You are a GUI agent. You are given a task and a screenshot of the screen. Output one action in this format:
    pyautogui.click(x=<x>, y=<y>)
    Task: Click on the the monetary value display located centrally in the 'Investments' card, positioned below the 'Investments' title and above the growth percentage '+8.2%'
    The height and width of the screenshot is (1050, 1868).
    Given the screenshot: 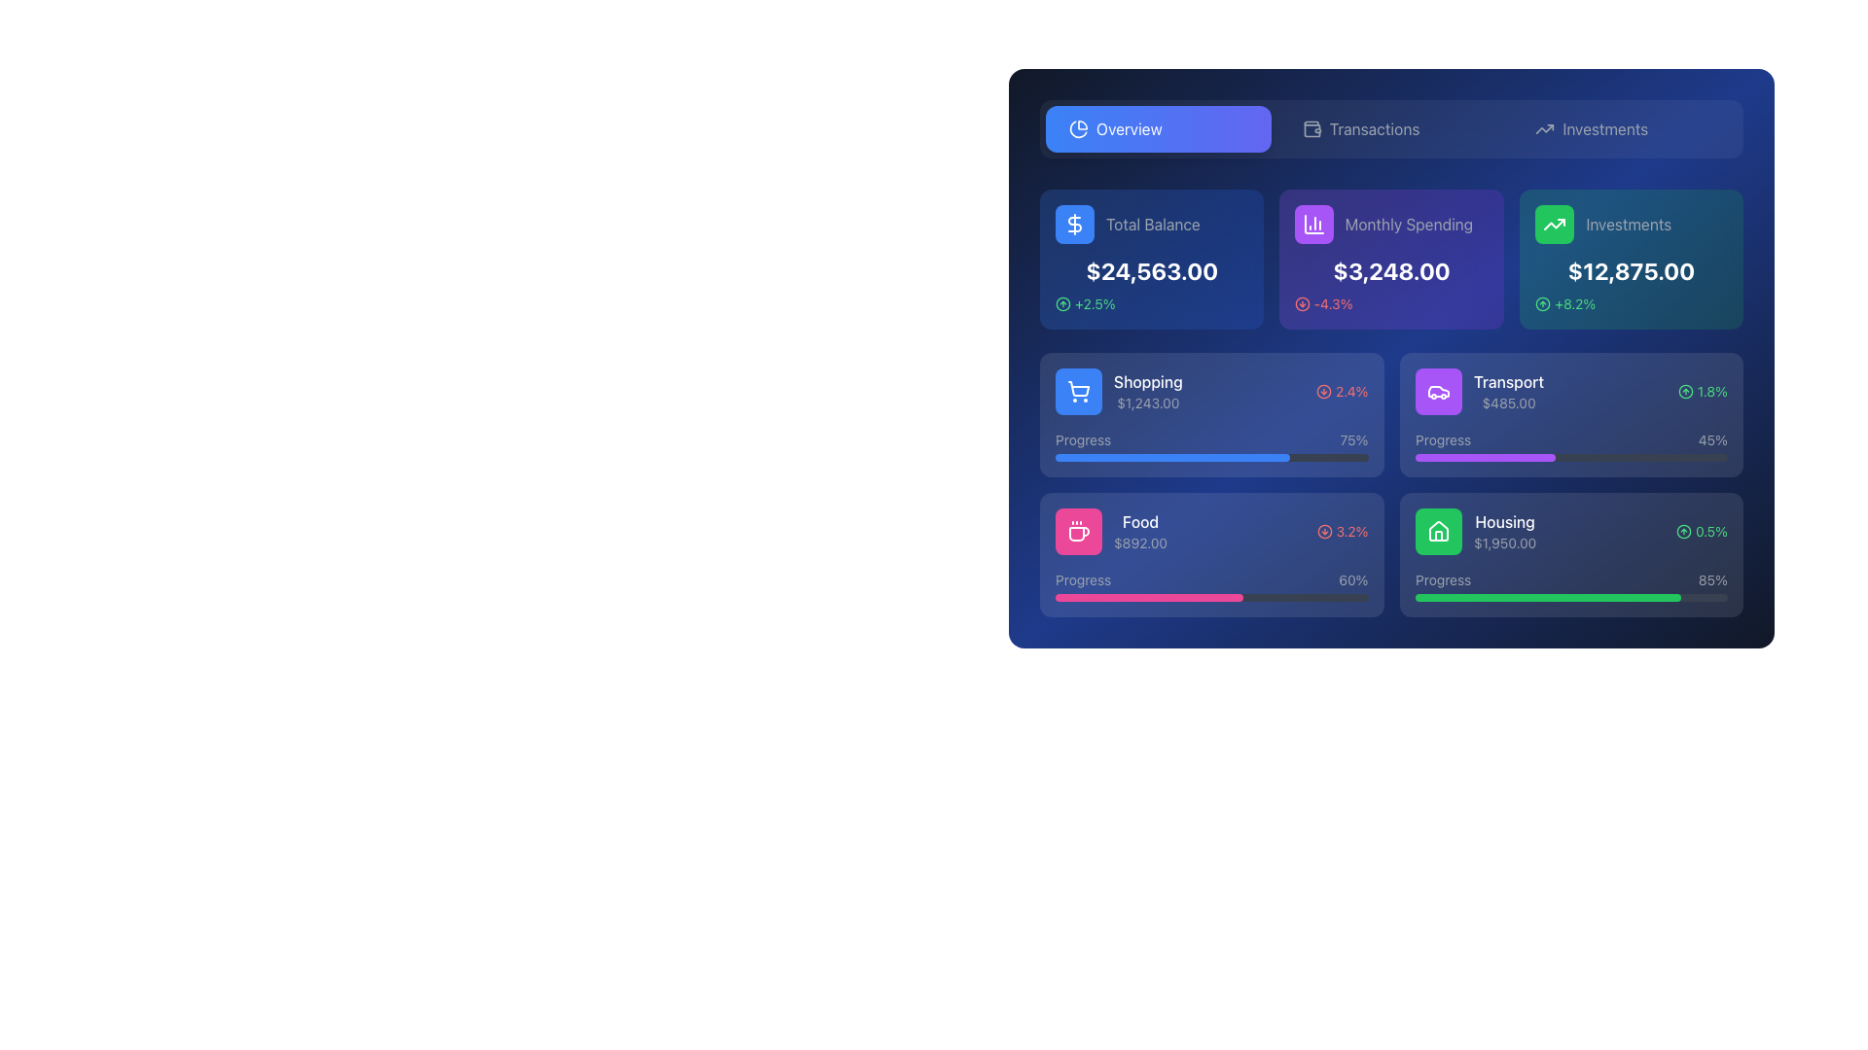 What is the action you would take?
    pyautogui.click(x=1631, y=270)
    